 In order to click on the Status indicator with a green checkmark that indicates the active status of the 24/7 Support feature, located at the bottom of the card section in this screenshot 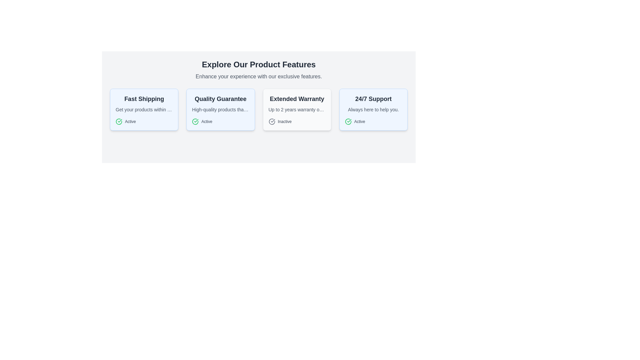, I will do `click(373, 122)`.